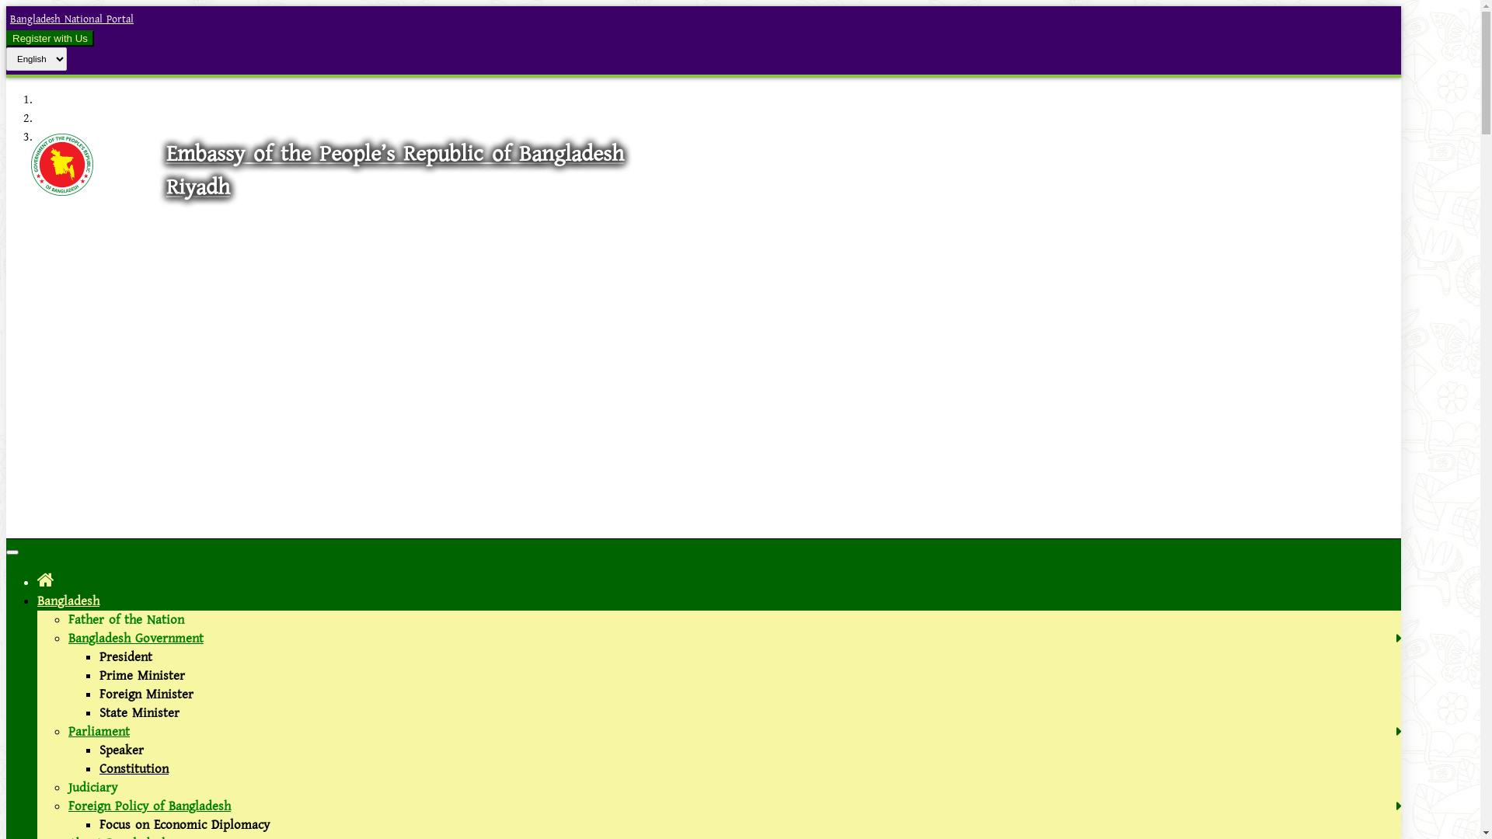  I want to click on 'Constitution', so click(134, 769).